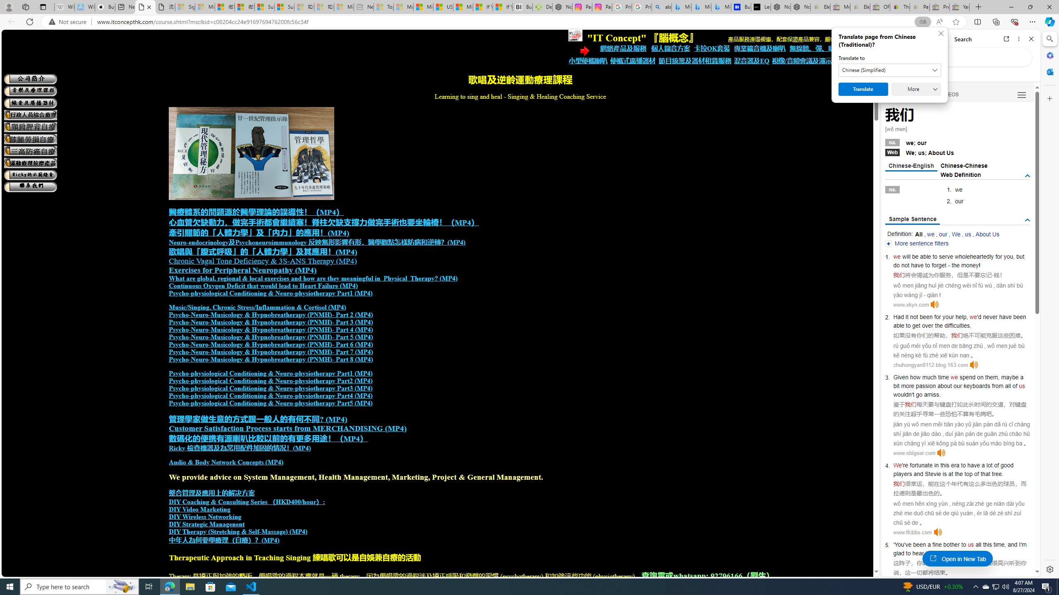 Image resolution: width=1059 pixels, height=595 pixels. Describe the element at coordinates (262, 261) in the screenshot. I see `'Chronic Vagal Tone Deficiency & 3S-ANS Therapy (MP4)'` at that location.